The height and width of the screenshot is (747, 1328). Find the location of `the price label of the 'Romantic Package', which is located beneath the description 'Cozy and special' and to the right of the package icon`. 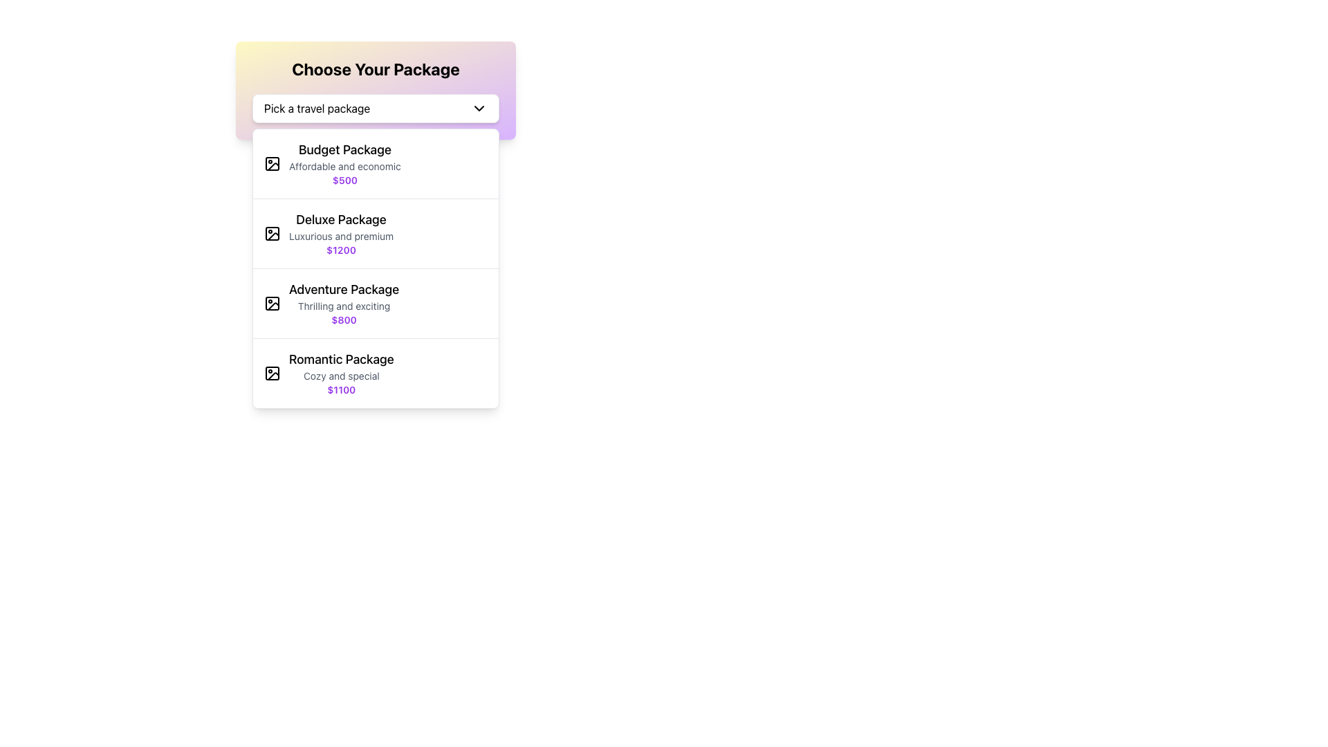

the price label of the 'Romantic Package', which is located beneath the description 'Cozy and special' and to the right of the package icon is located at coordinates (341, 389).